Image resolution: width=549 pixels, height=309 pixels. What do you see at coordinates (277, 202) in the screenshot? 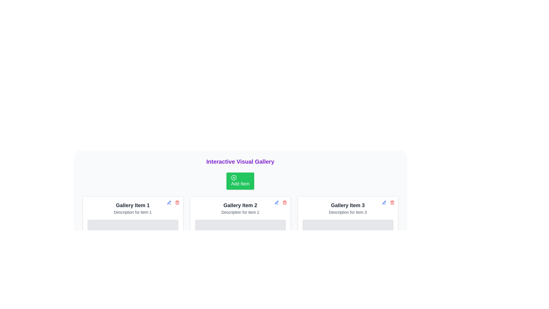
I see `the edit button located within the second gallery item (Gallery Item 2), positioned to the left of the trash can icon` at bounding box center [277, 202].